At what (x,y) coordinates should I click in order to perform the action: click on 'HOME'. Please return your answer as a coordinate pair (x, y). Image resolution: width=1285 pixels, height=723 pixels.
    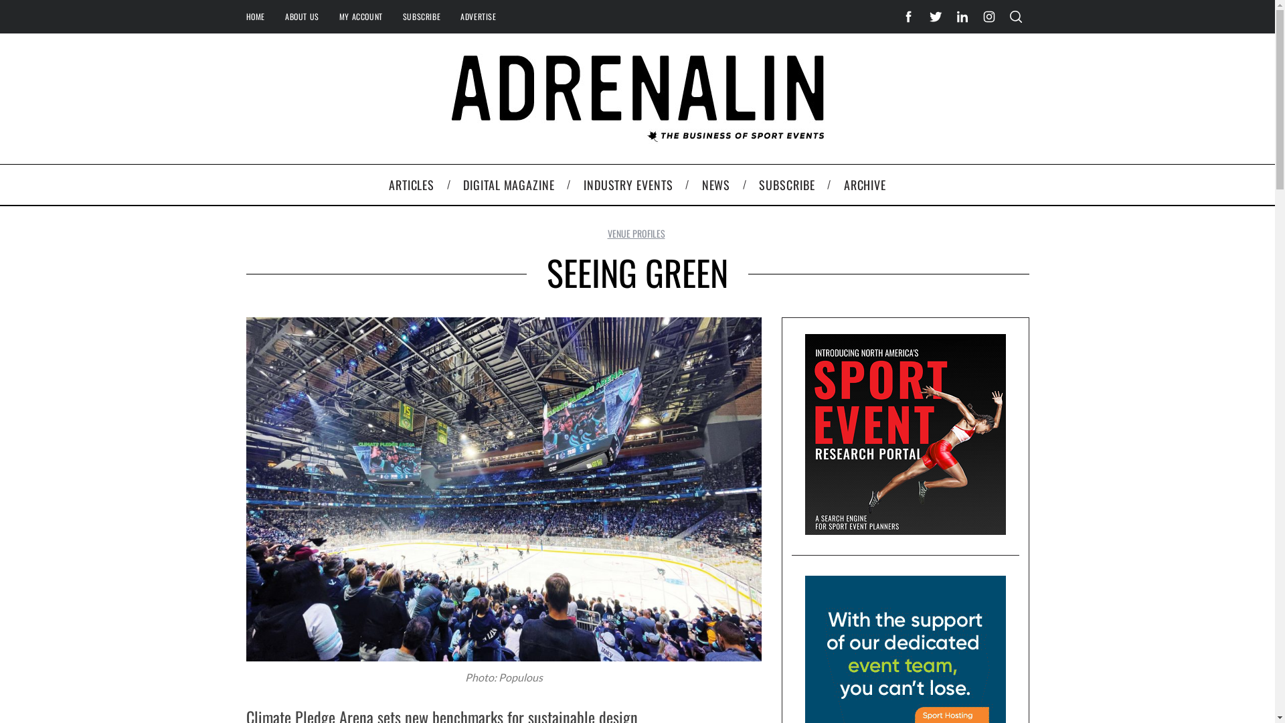
    Looking at the image, I should click on (235, 16).